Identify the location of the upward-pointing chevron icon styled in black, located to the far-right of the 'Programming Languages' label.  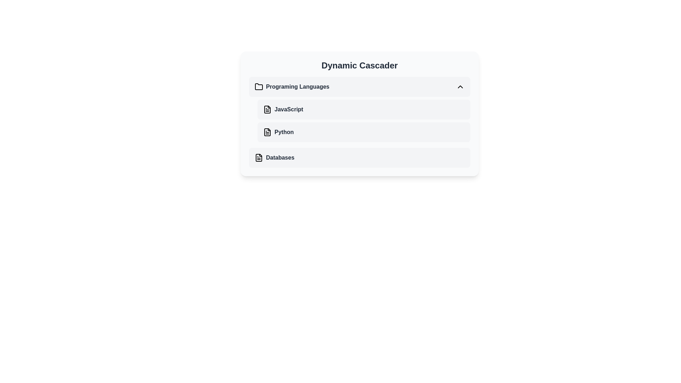
(460, 87).